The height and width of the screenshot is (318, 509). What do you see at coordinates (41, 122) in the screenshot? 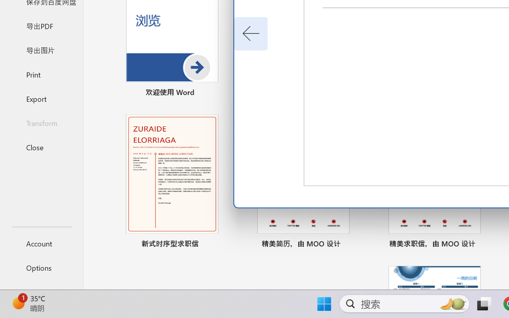
I see `'Transform'` at bounding box center [41, 122].